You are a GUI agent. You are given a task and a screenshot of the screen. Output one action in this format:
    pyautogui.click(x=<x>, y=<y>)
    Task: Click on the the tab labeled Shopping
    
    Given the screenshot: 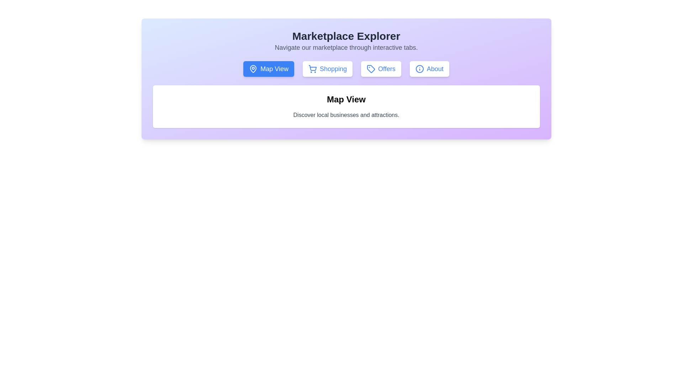 What is the action you would take?
    pyautogui.click(x=327, y=69)
    